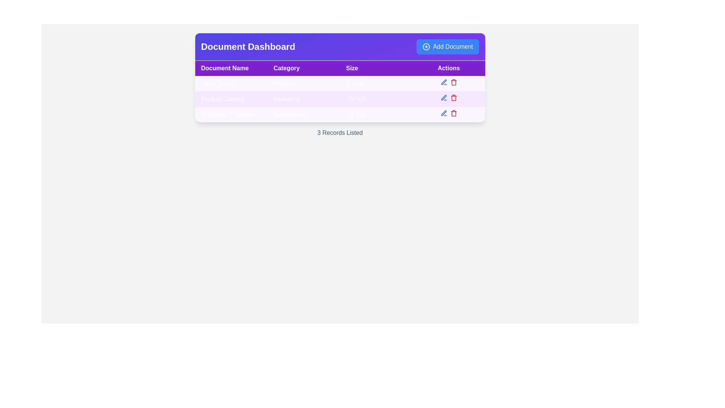  Describe the element at coordinates (444, 113) in the screenshot. I see `the edit button located in the 'Actions' column of the second row in the table, positioned to the left of the red trash bin icon` at that location.